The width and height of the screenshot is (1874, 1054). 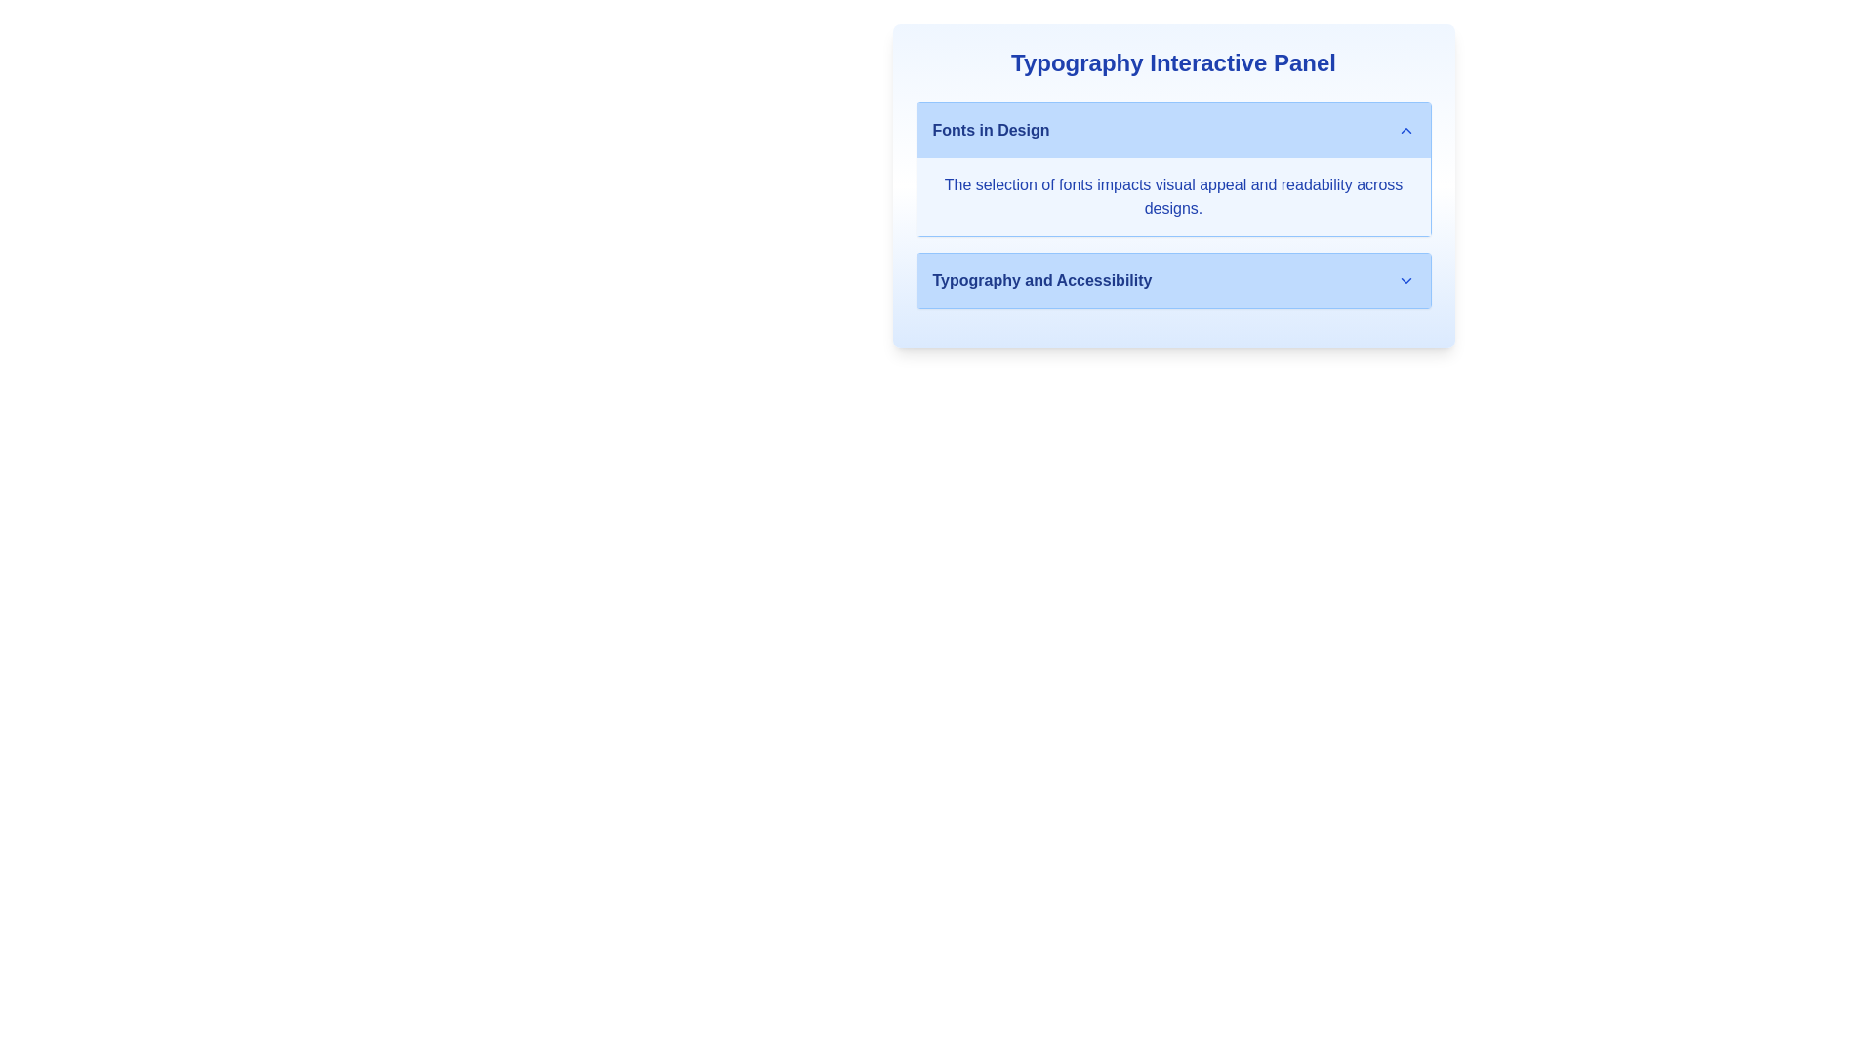 What do you see at coordinates (991, 131) in the screenshot?
I see `the non-interactive text label displaying 'Fonts in Design', which is located in the leftmost position of a light blue section, adjacent to a chevron icon` at bounding box center [991, 131].